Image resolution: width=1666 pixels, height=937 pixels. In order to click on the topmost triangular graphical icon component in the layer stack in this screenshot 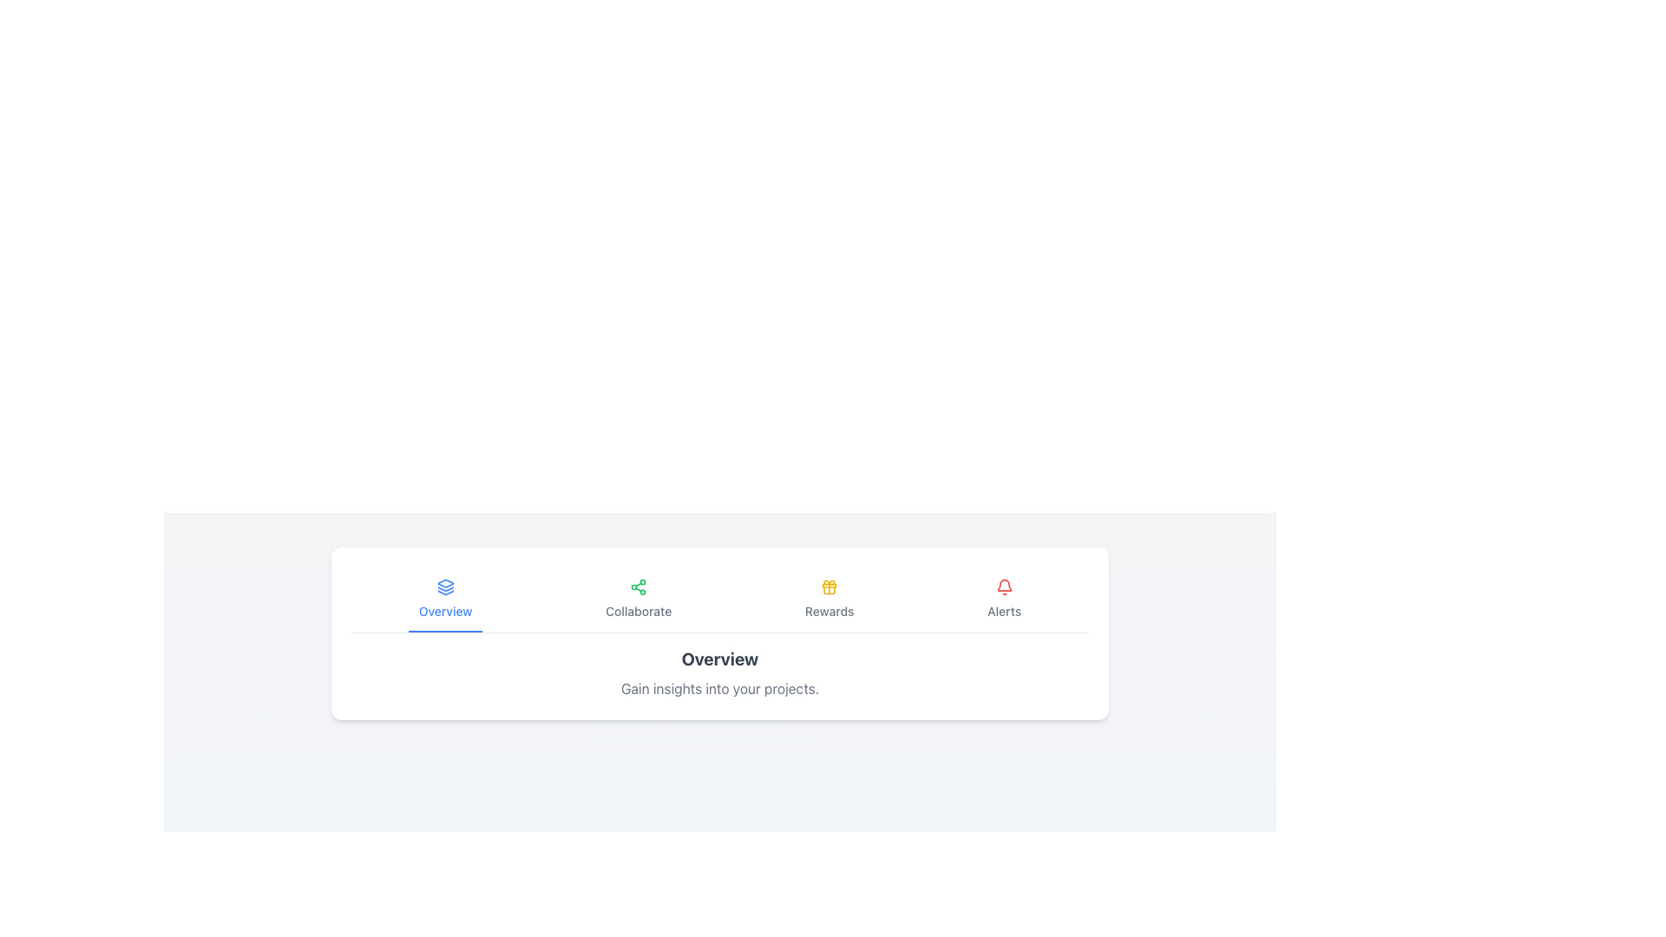, I will do `click(445, 583)`.